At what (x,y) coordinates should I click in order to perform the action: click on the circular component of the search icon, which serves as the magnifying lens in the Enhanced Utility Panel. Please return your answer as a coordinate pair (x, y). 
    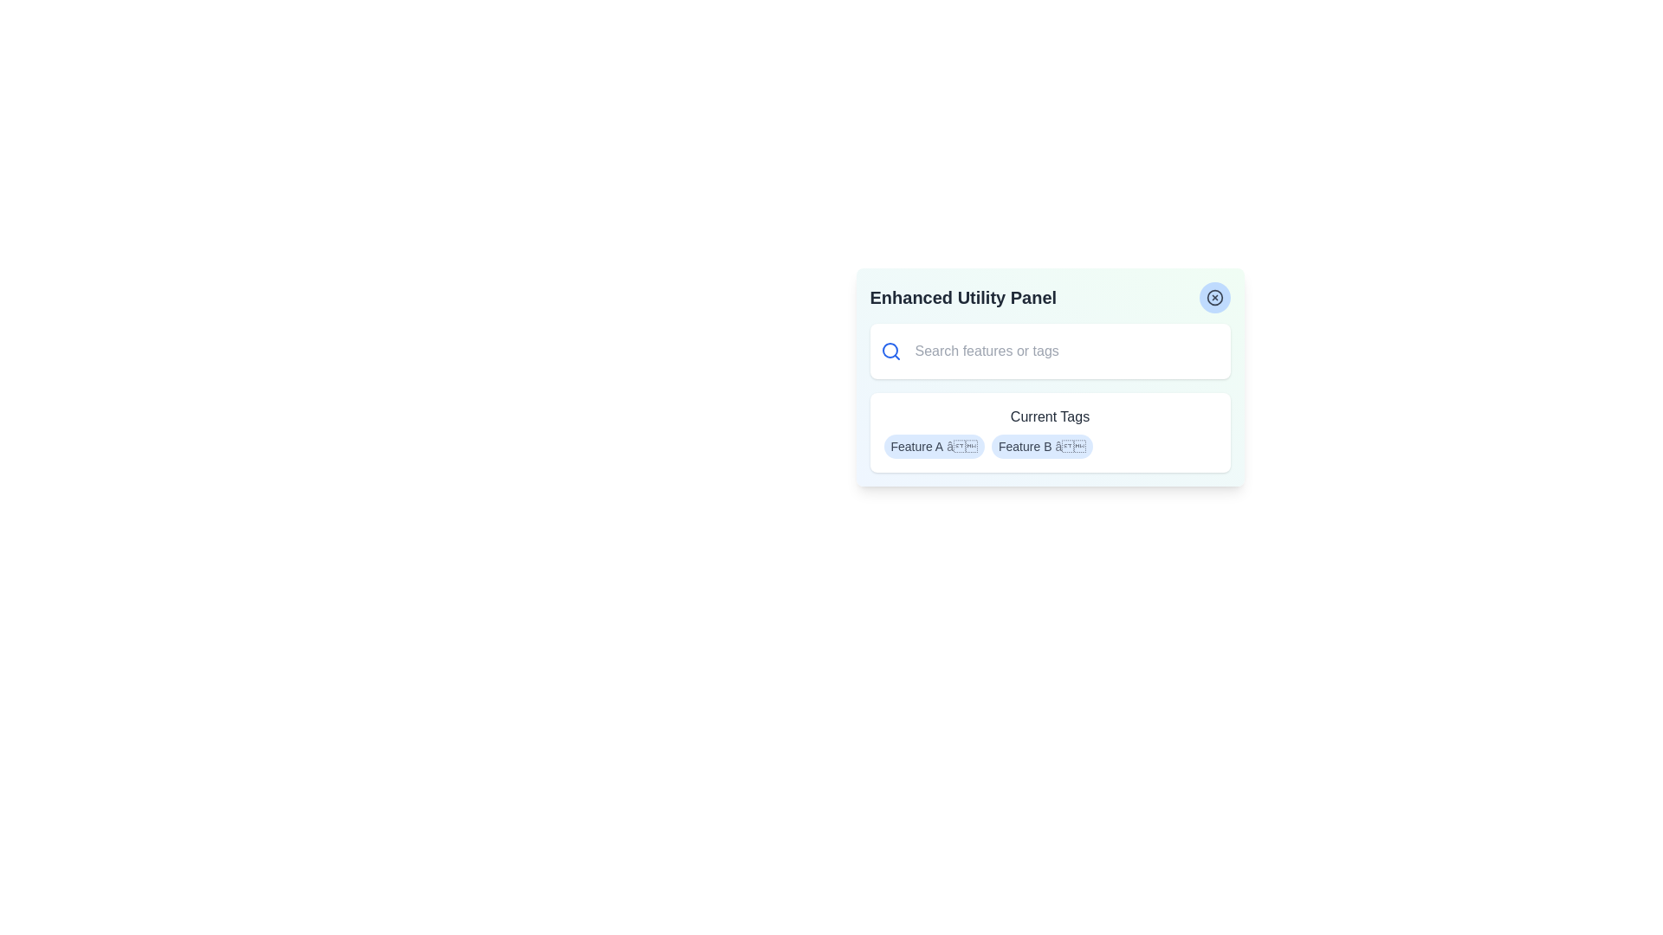
    Looking at the image, I should click on (890, 351).